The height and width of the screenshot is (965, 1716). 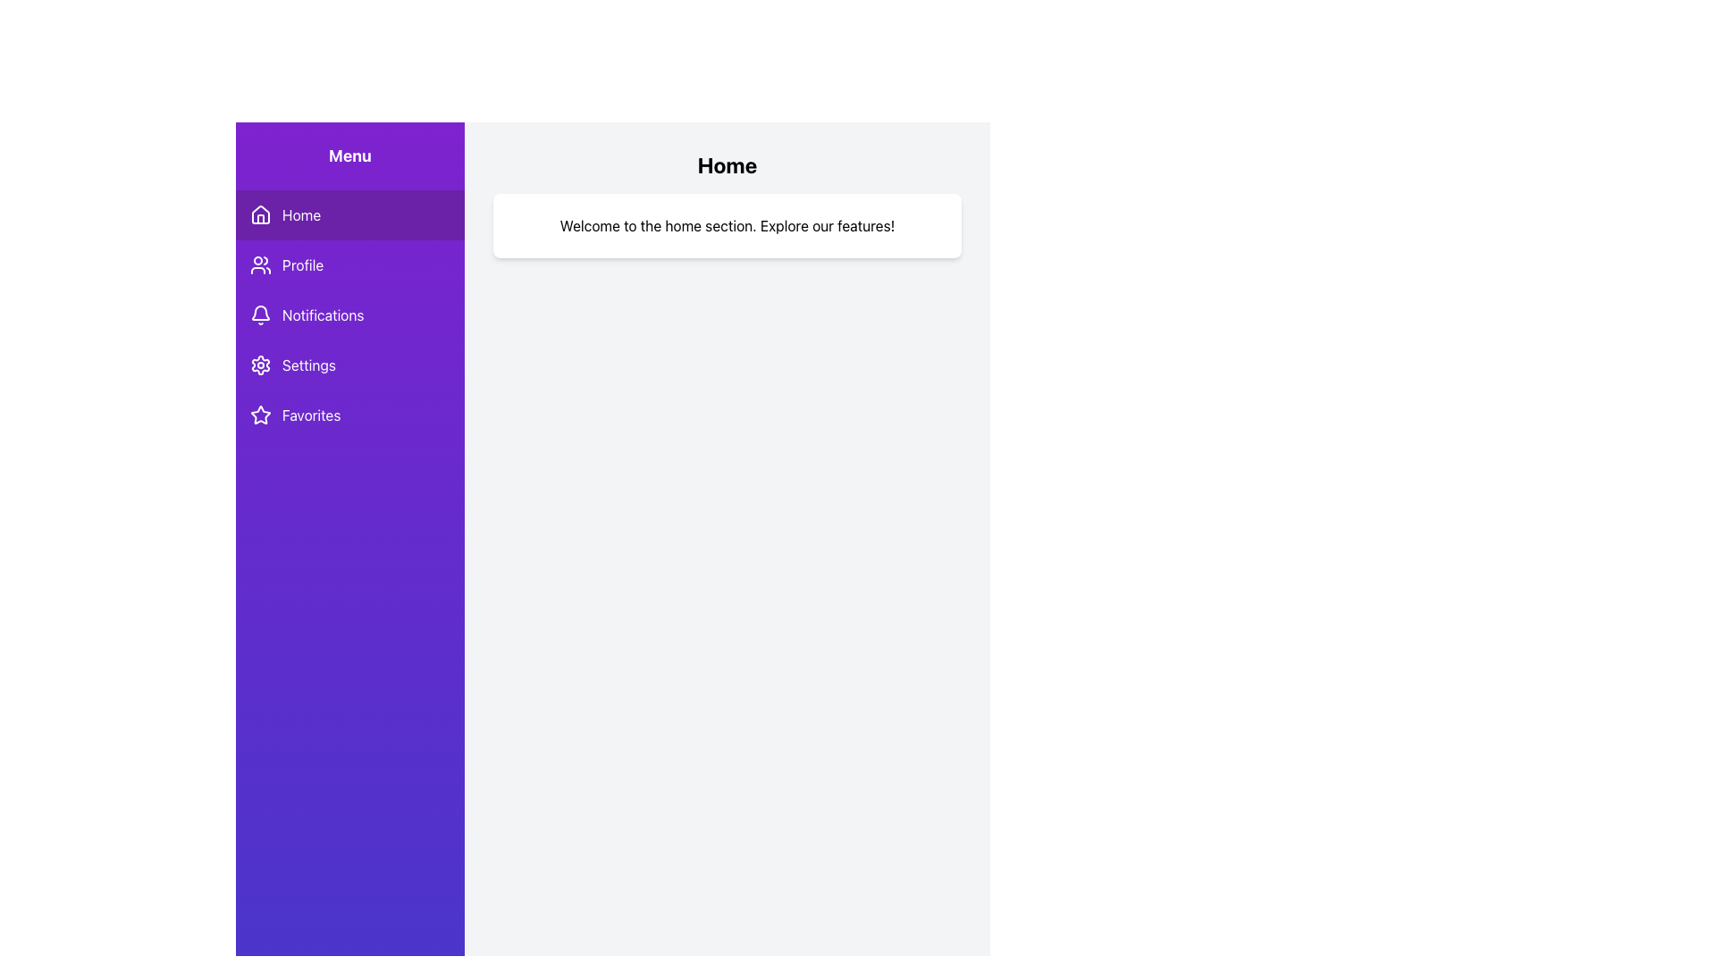 What do you see at coordinates (350, 315) in the screenshot?
I see `an item in the vertical navigation menu group on the left panel` at bounding box center [350, 315].